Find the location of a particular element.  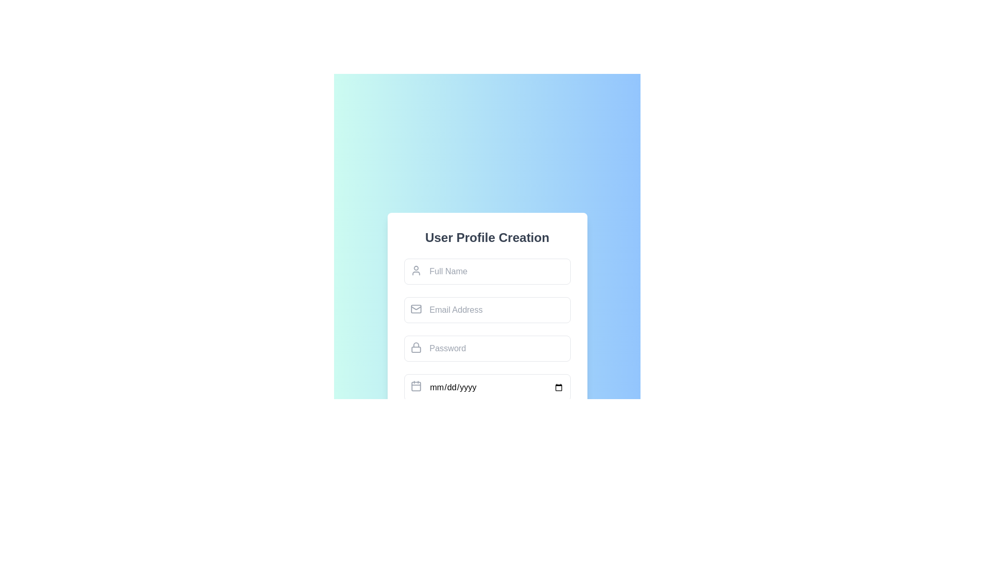

the Heading text at the top of the form, which indicates the purpose of the user interface section is located at coordinates (486, 237).